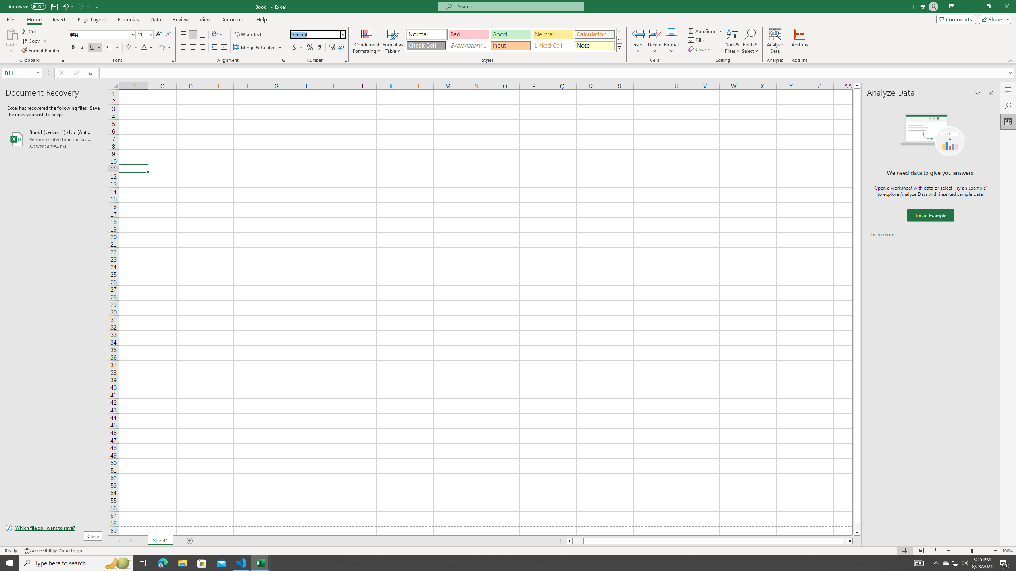  What do you see at coordinates (345, 59) in the screenshot?
I see `'Format Cell Number'` at bounding box center [345, 59].